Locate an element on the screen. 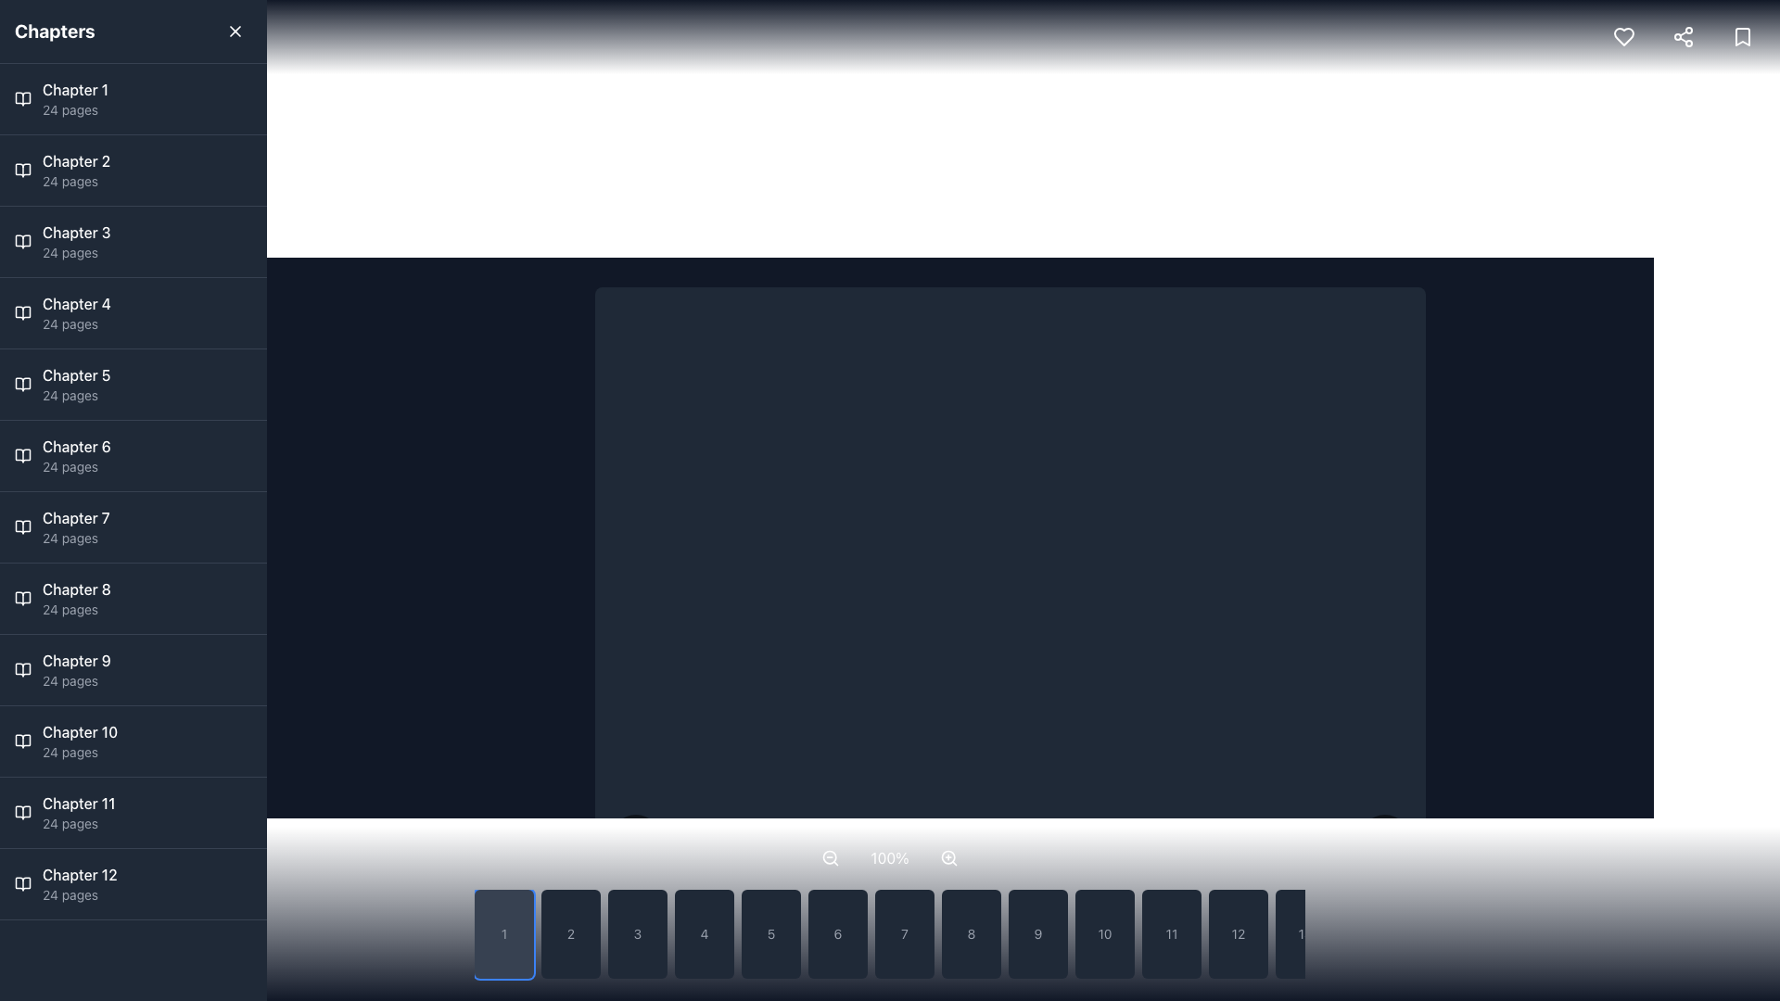 Image resolution: width=1780 pixels, height=1001 pixels. information displayed in the Text label that provides the number of pages for 'Chapter 7', located in the vertically stacked sidebar list on the left side of the viewport is located at coordinates (75, 539).